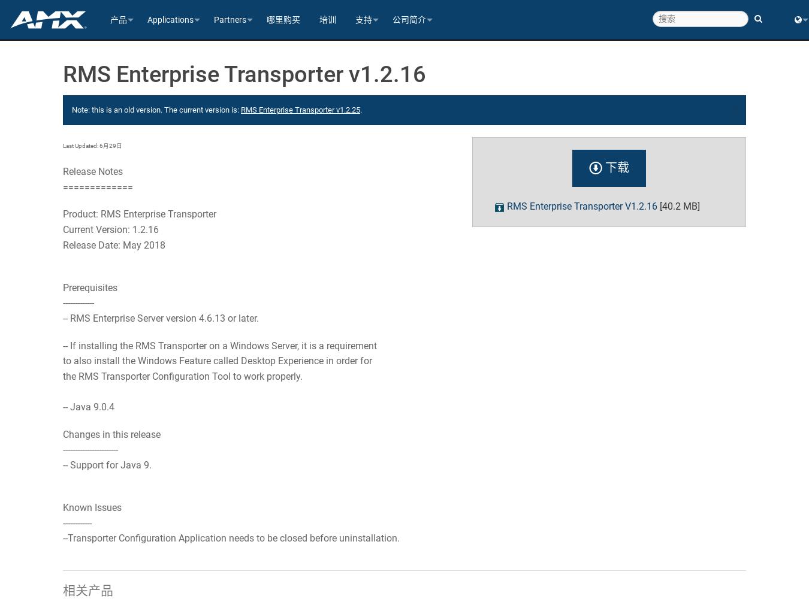  I want to click on 'Changes in this release', so click(111, 433).